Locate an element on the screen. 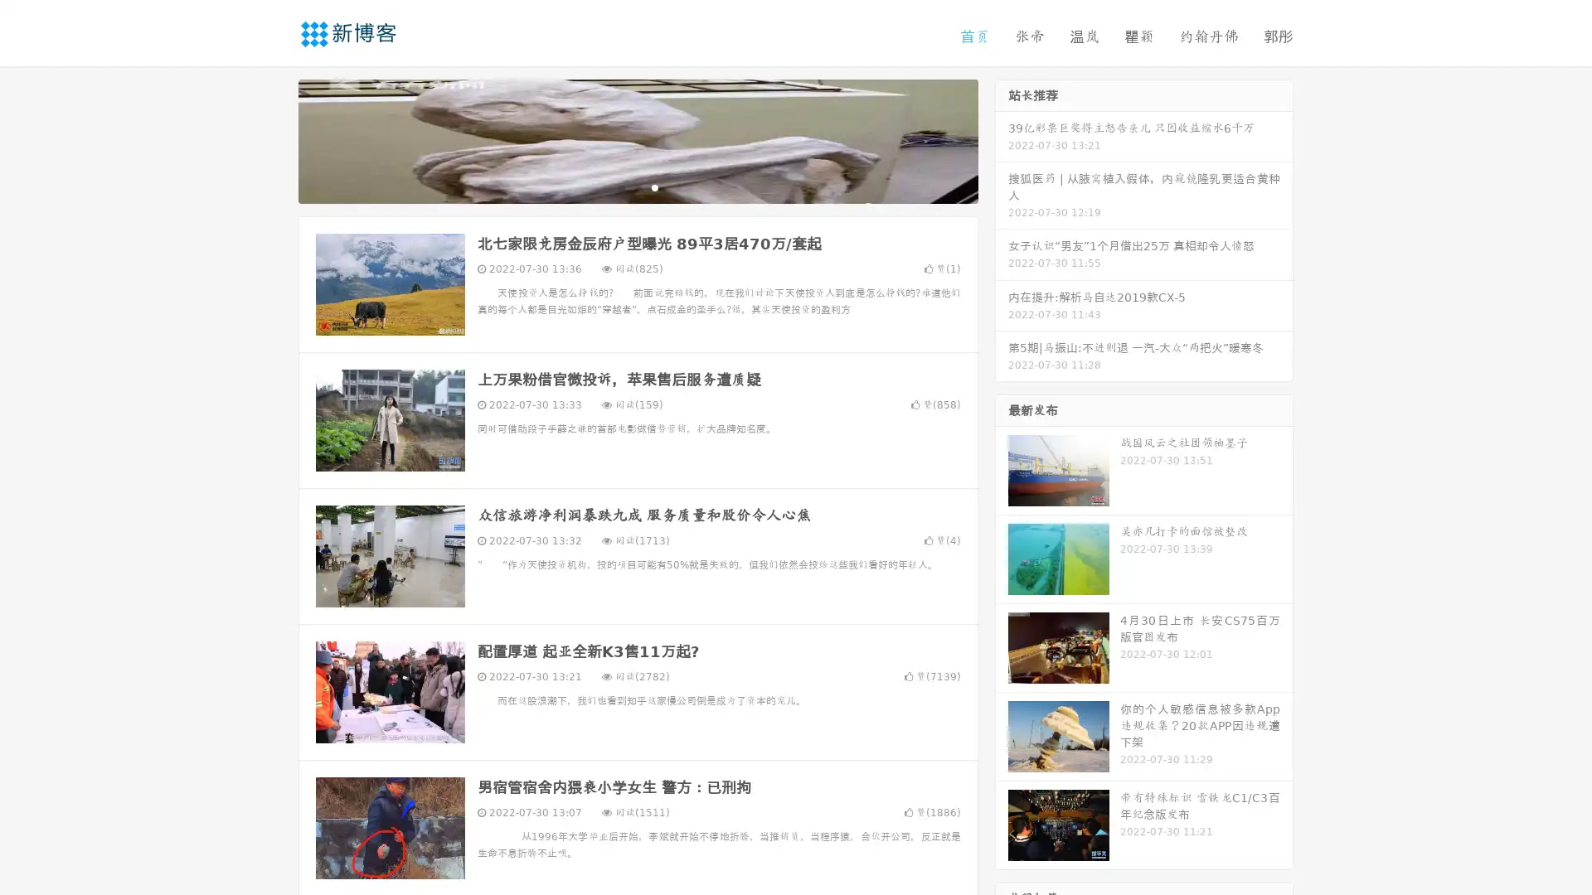  Go to slide 1 is located at coordinates (620, 186).